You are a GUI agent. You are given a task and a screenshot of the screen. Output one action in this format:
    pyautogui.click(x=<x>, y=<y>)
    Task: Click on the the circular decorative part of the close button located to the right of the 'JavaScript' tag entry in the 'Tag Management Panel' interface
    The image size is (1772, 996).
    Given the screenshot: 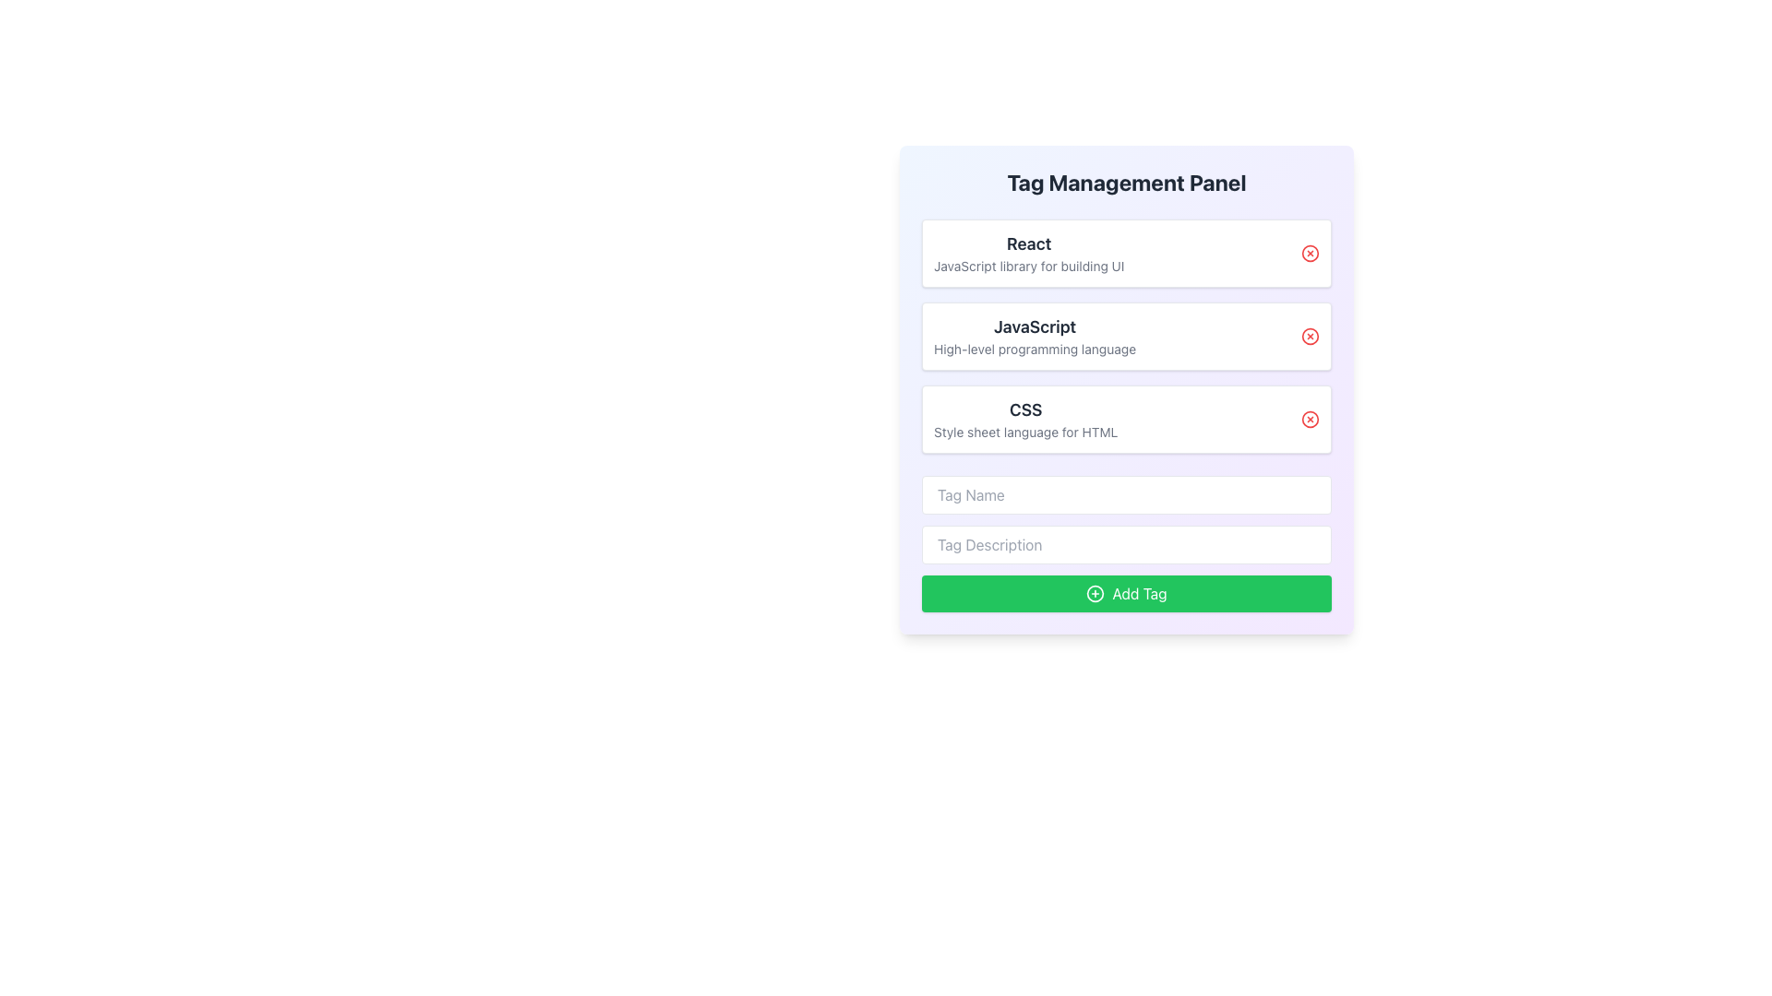 What is the action you would take?
    pyautogui.click(x=1310, y=337)
    